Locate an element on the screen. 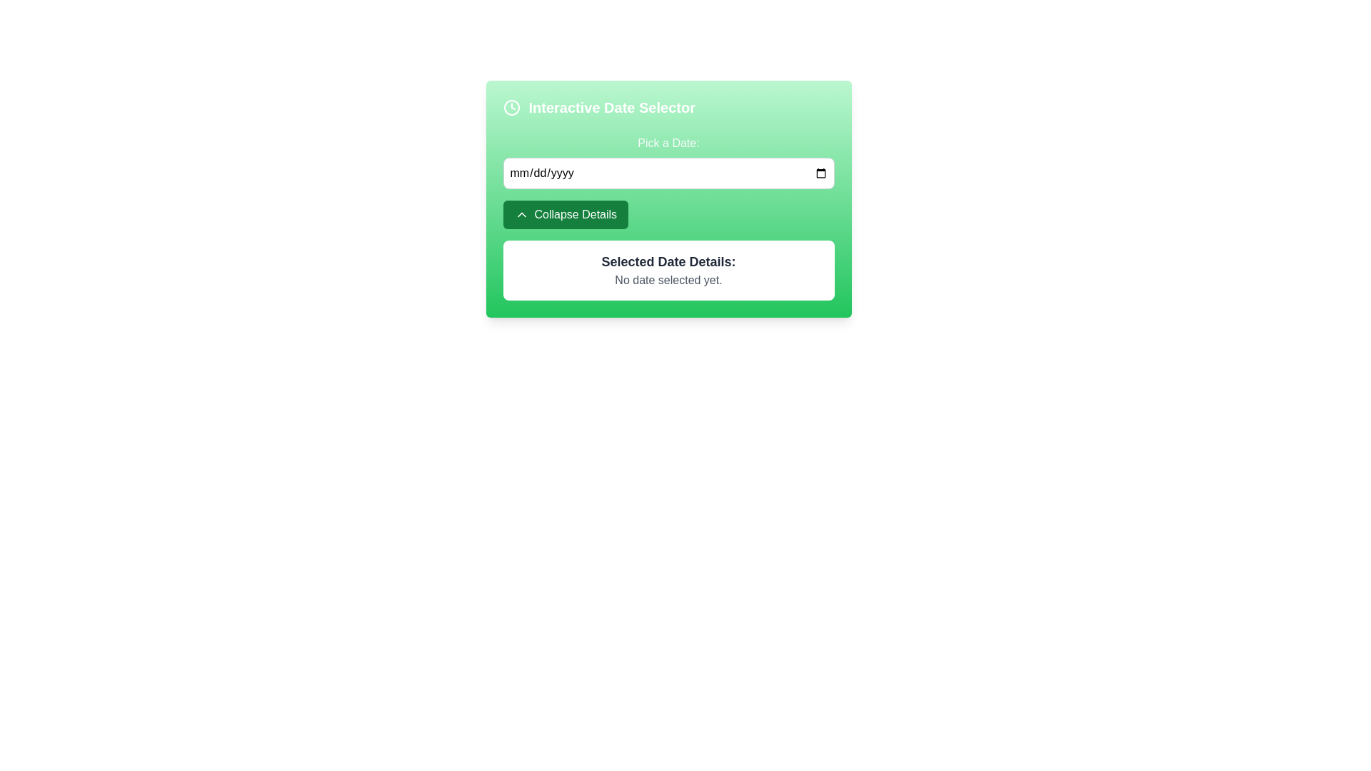 Image resolution: width=1371 pixels, height=771 pixels. the decorative icon for the 'Interactive Date Selector' component, located to the far left of the title bar, directly adjacent to the text 'Interactive Date Selector' is located at coordinates (511, 106).